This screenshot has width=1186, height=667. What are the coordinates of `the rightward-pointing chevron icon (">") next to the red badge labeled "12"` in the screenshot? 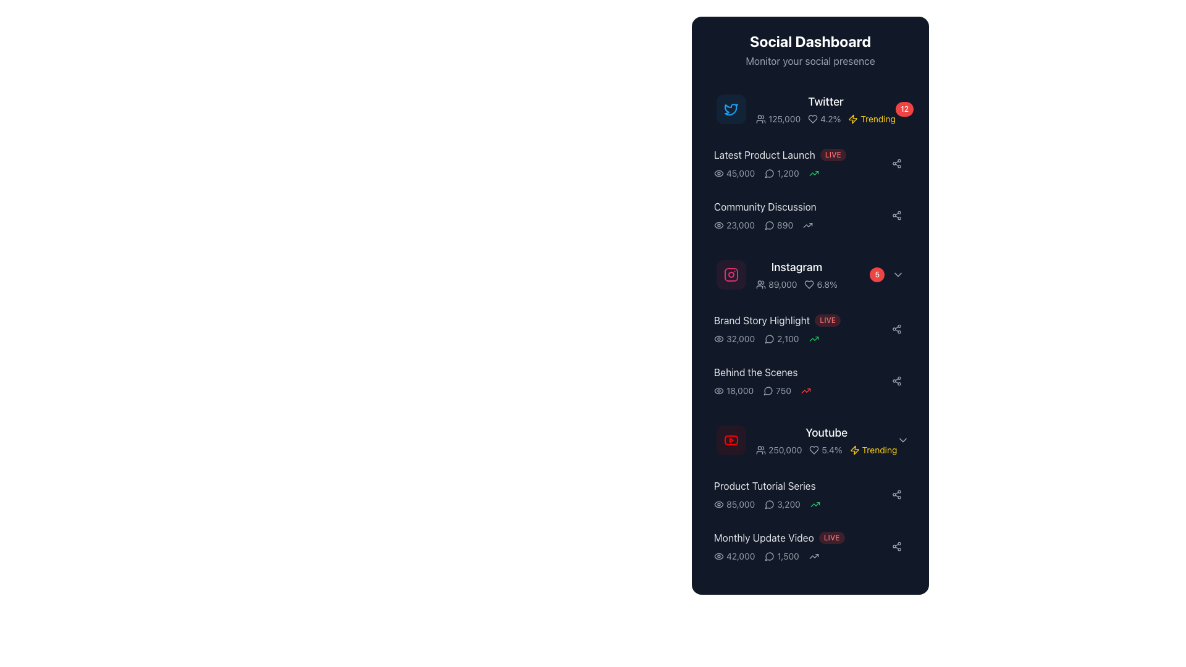 It's located at (927, 109).